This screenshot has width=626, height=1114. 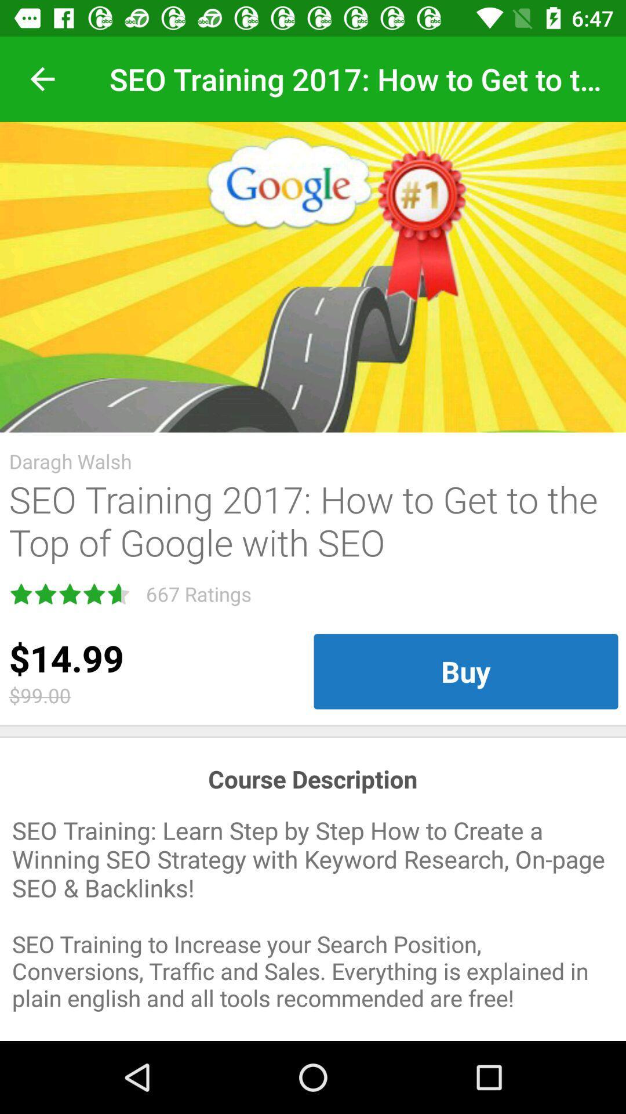 What do you see at coordinates (465, 671) in the screenshot?
I see `the item to the right of $14.99` at bounding box center [465, 671].